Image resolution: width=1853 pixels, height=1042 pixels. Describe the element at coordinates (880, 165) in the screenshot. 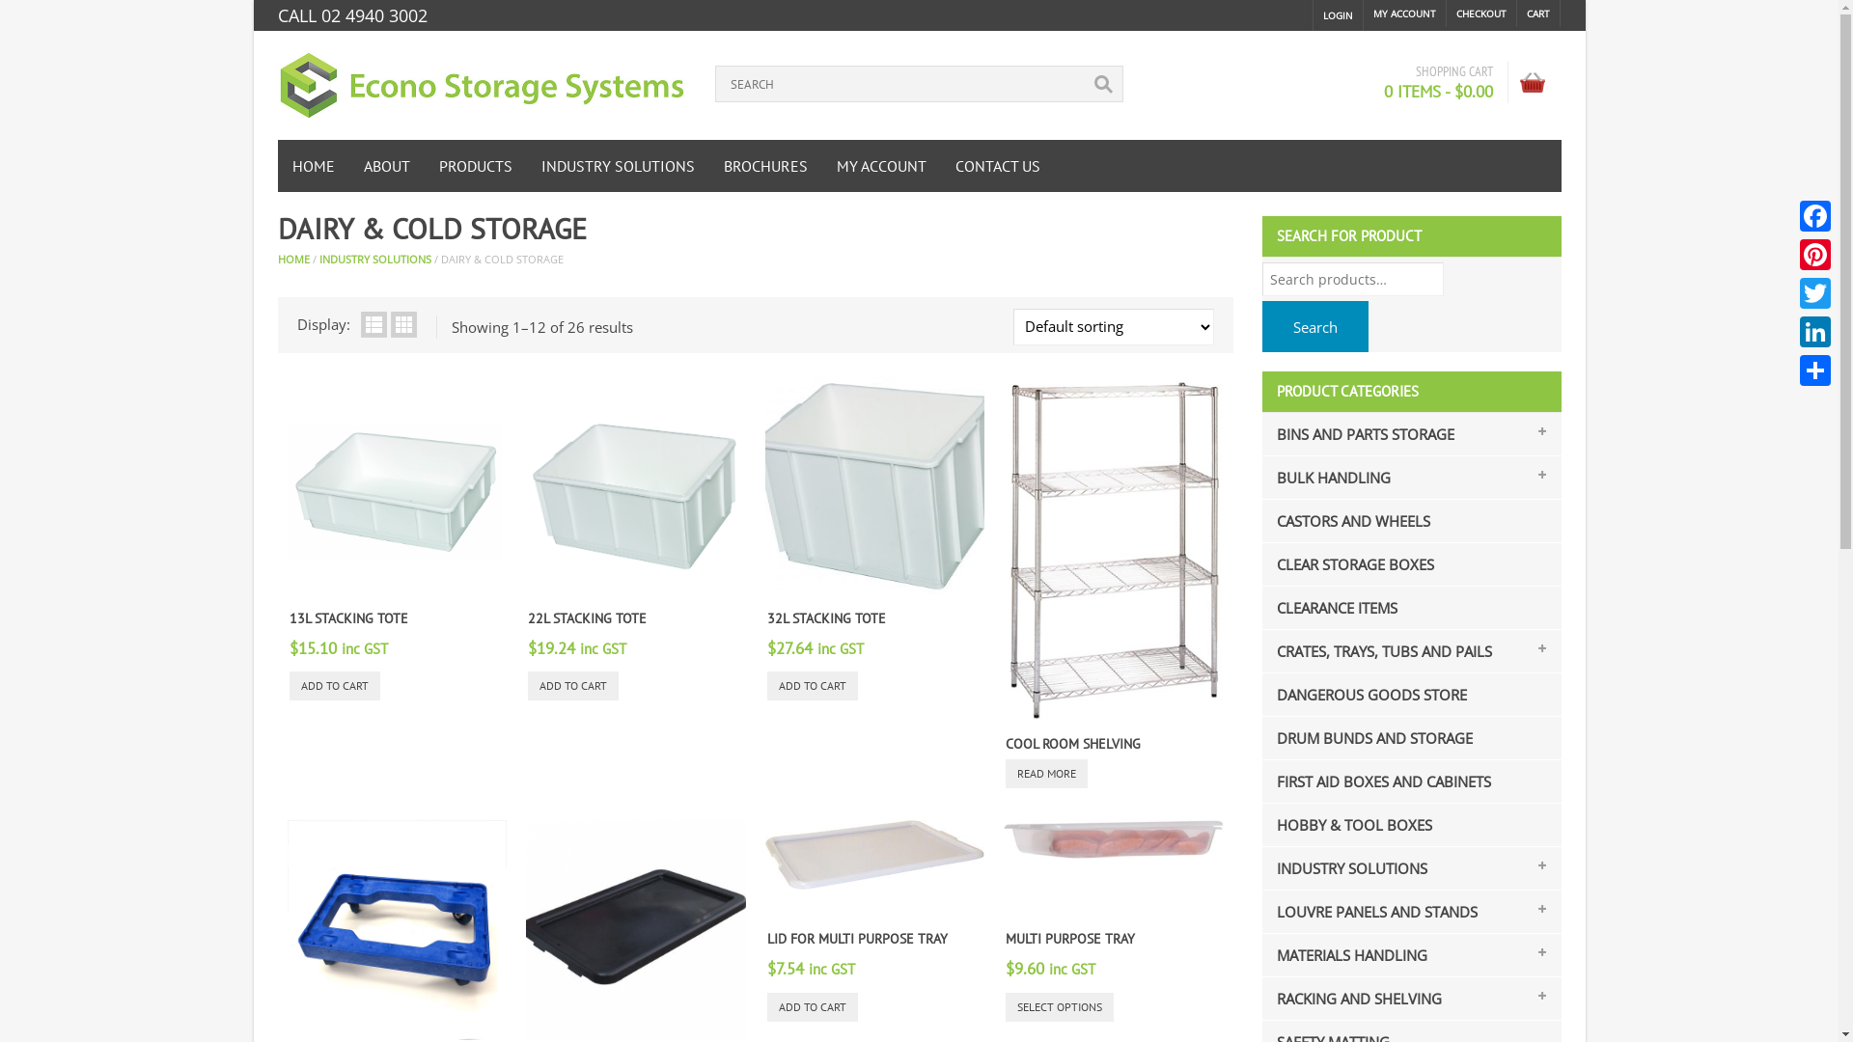

I see `'MY ACCOUNT'` at that location.